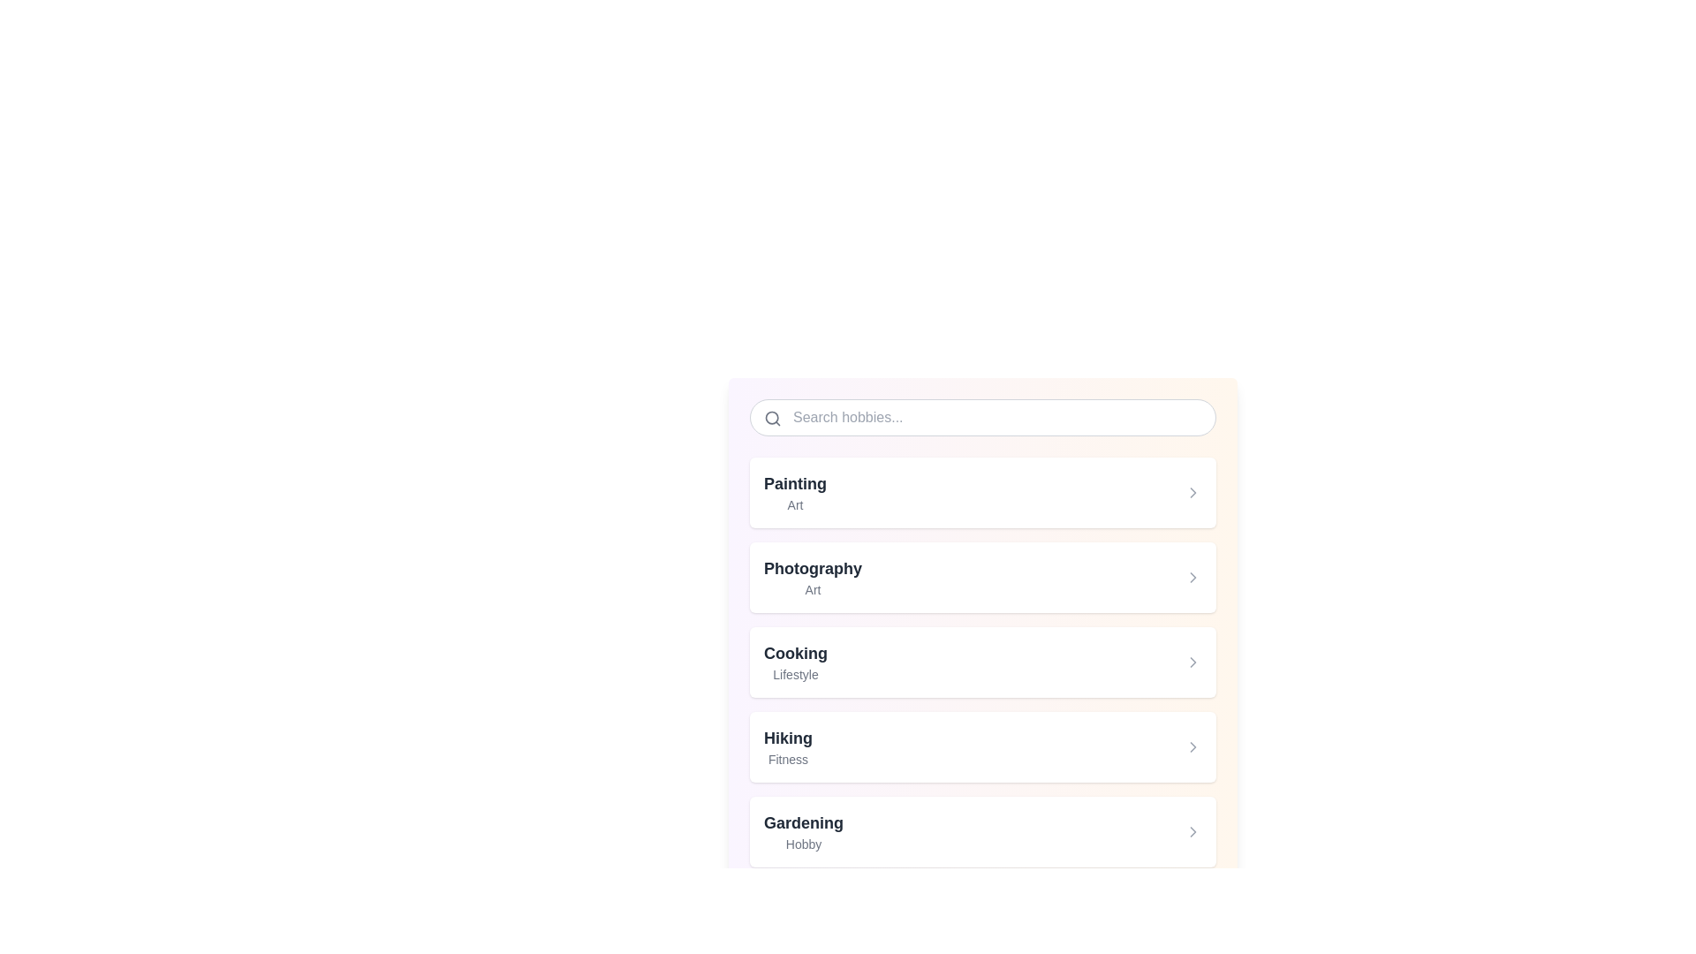  I want to click on the small gray chevron-shaped arrow icon located at the far right of the 'Photography' card, so click(1192, 578).